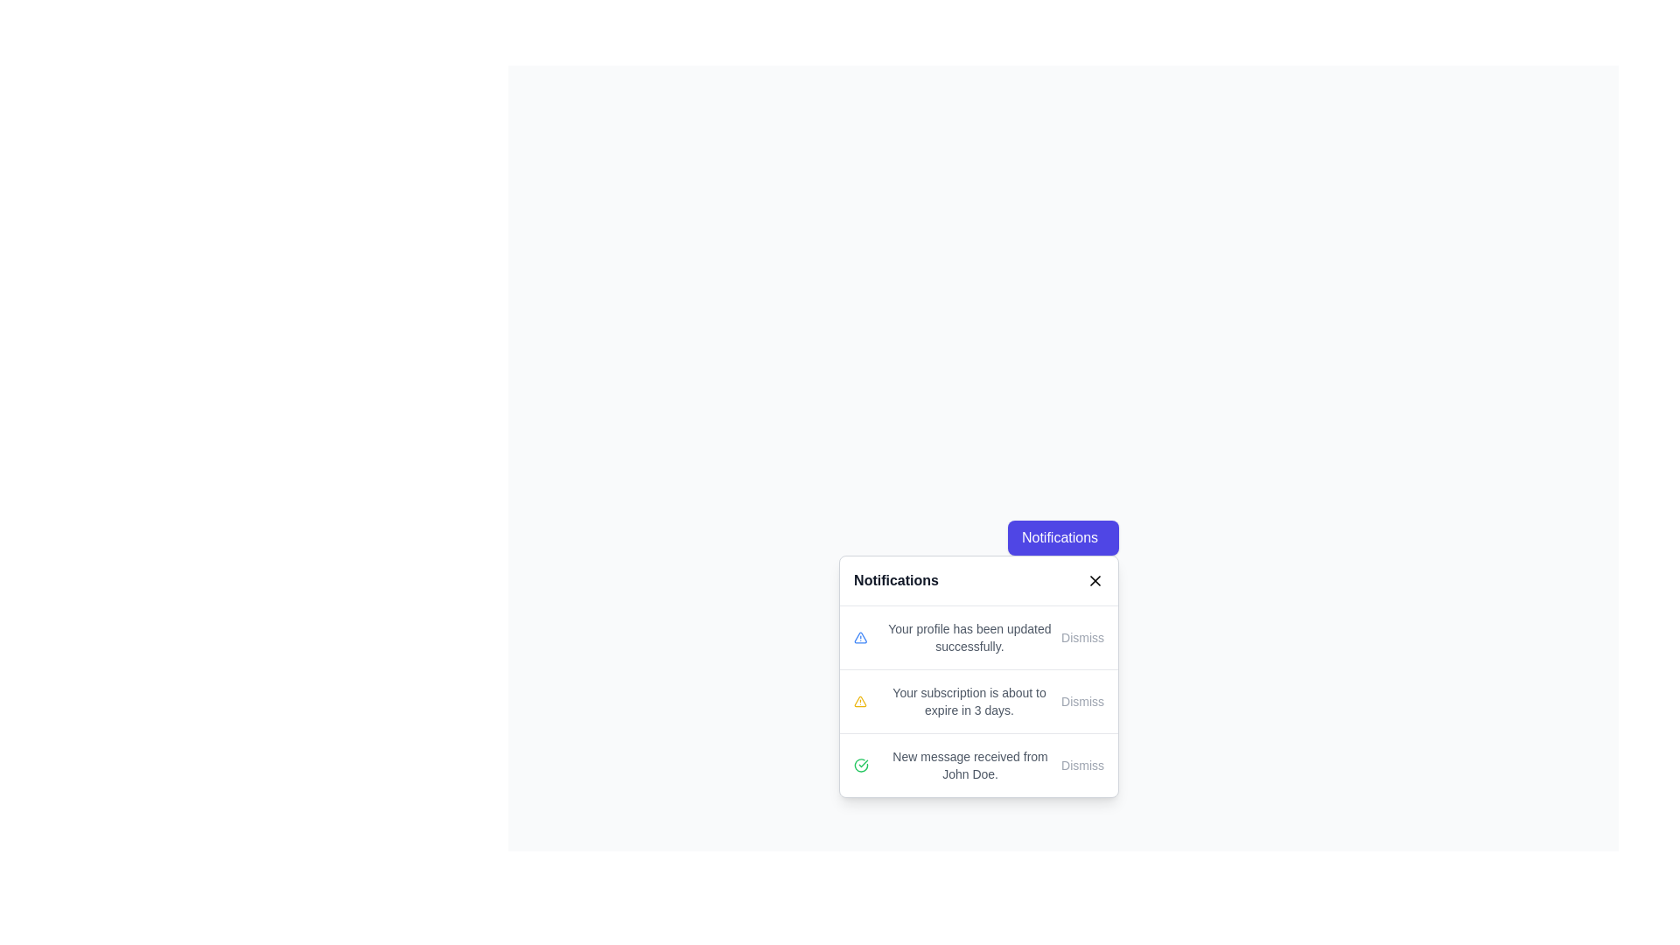 Image resolution: width=1680 pixels, height=945 pixels. I want to click on the triangular warning symbol with a yellow border located in the notifications pop-up box, adjacent to the message indicating 'Your profile has been updated successfully.', so click(860, 701).